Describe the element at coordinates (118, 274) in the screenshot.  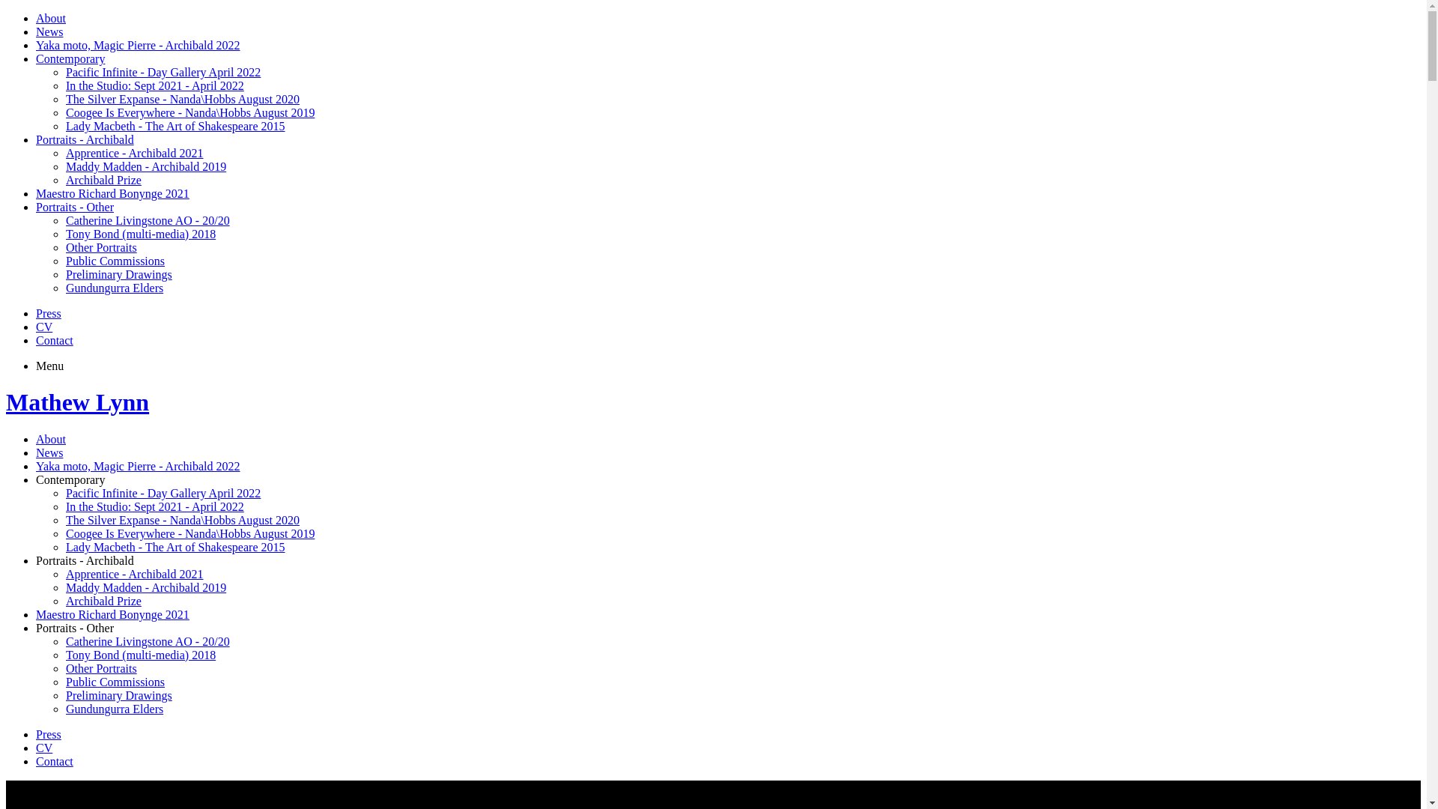
I see `'Preliminary Drawings'` at that location.